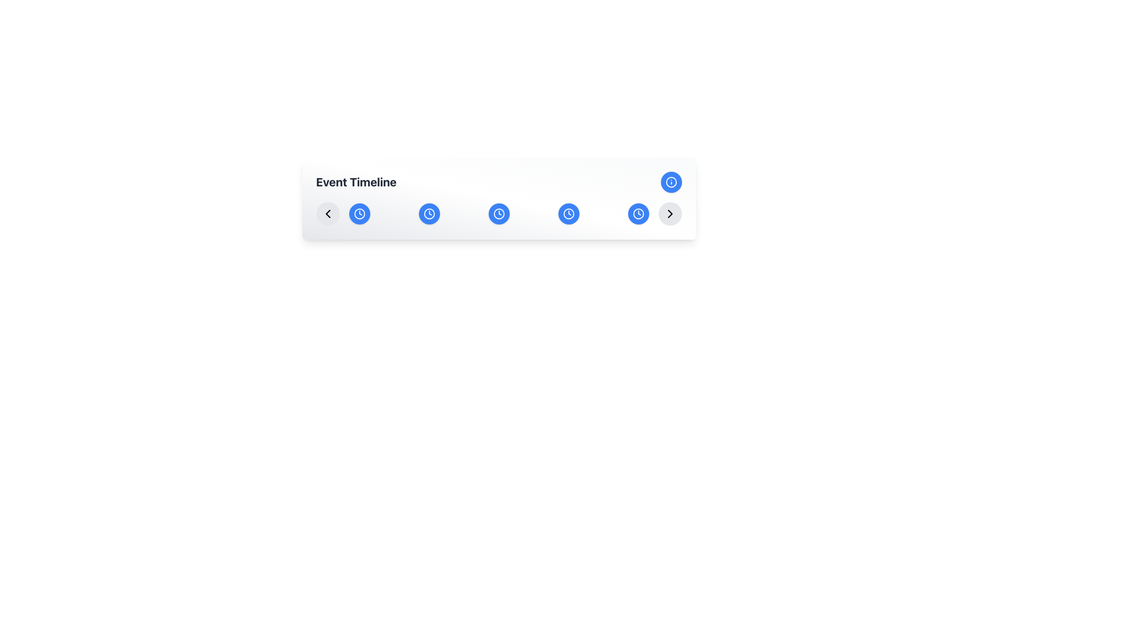  I want to click on the fifth SVG icon depicting a clock in the 'Event Timeline' section, so click(499, 214).